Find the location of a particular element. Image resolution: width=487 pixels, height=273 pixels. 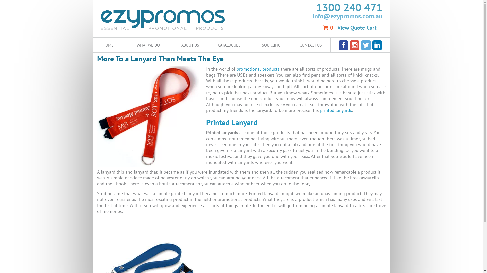

'info@ezypromos.com.au' is located at coordinates (311, 15).